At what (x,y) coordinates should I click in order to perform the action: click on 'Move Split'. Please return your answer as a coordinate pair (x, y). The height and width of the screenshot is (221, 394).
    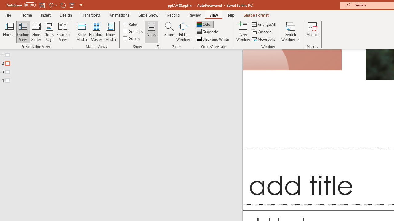
    Looking at the image, I should click on (264, 39).